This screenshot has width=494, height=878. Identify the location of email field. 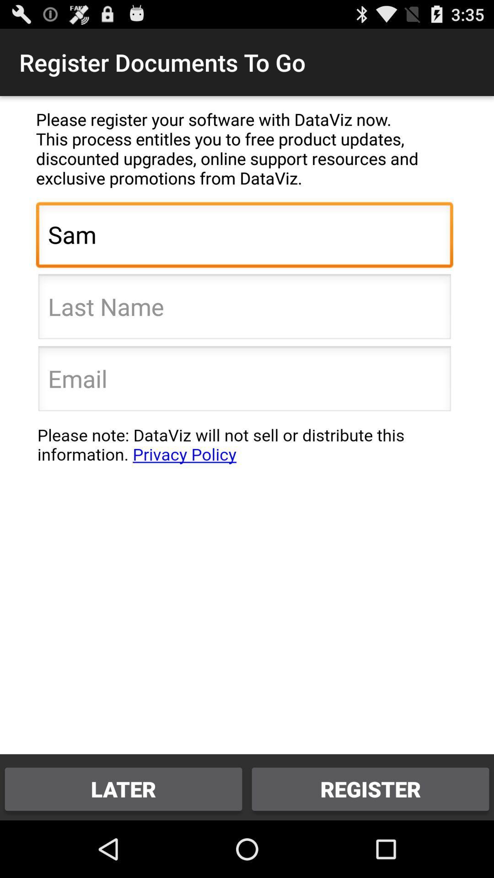
(244, 381).